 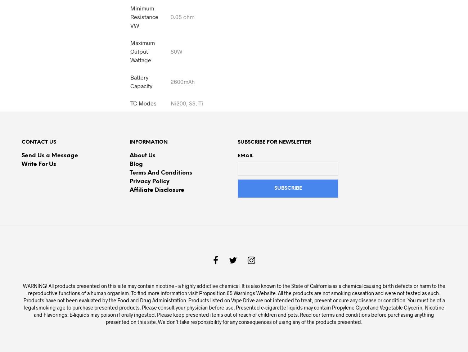 What do you see at coordinates (237, 292) in the screenshot?
I see `'Proposition 65 Warnings Website'` at bounding box center [237, 292].